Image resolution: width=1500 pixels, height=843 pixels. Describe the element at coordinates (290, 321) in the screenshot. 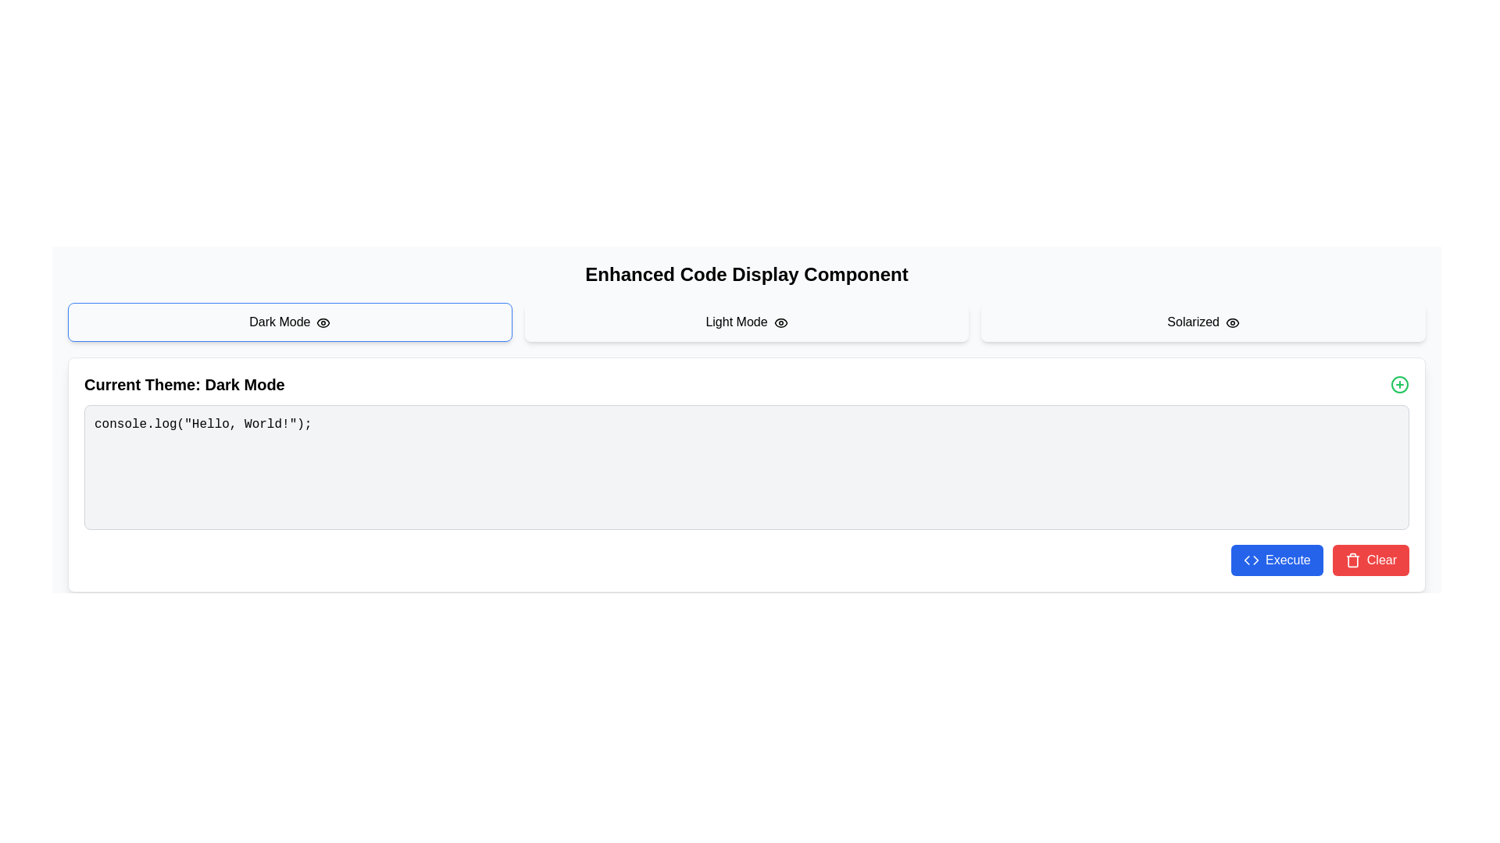

I see `the theme toggle button, which is located in the first column of a three-column layout` at that location.